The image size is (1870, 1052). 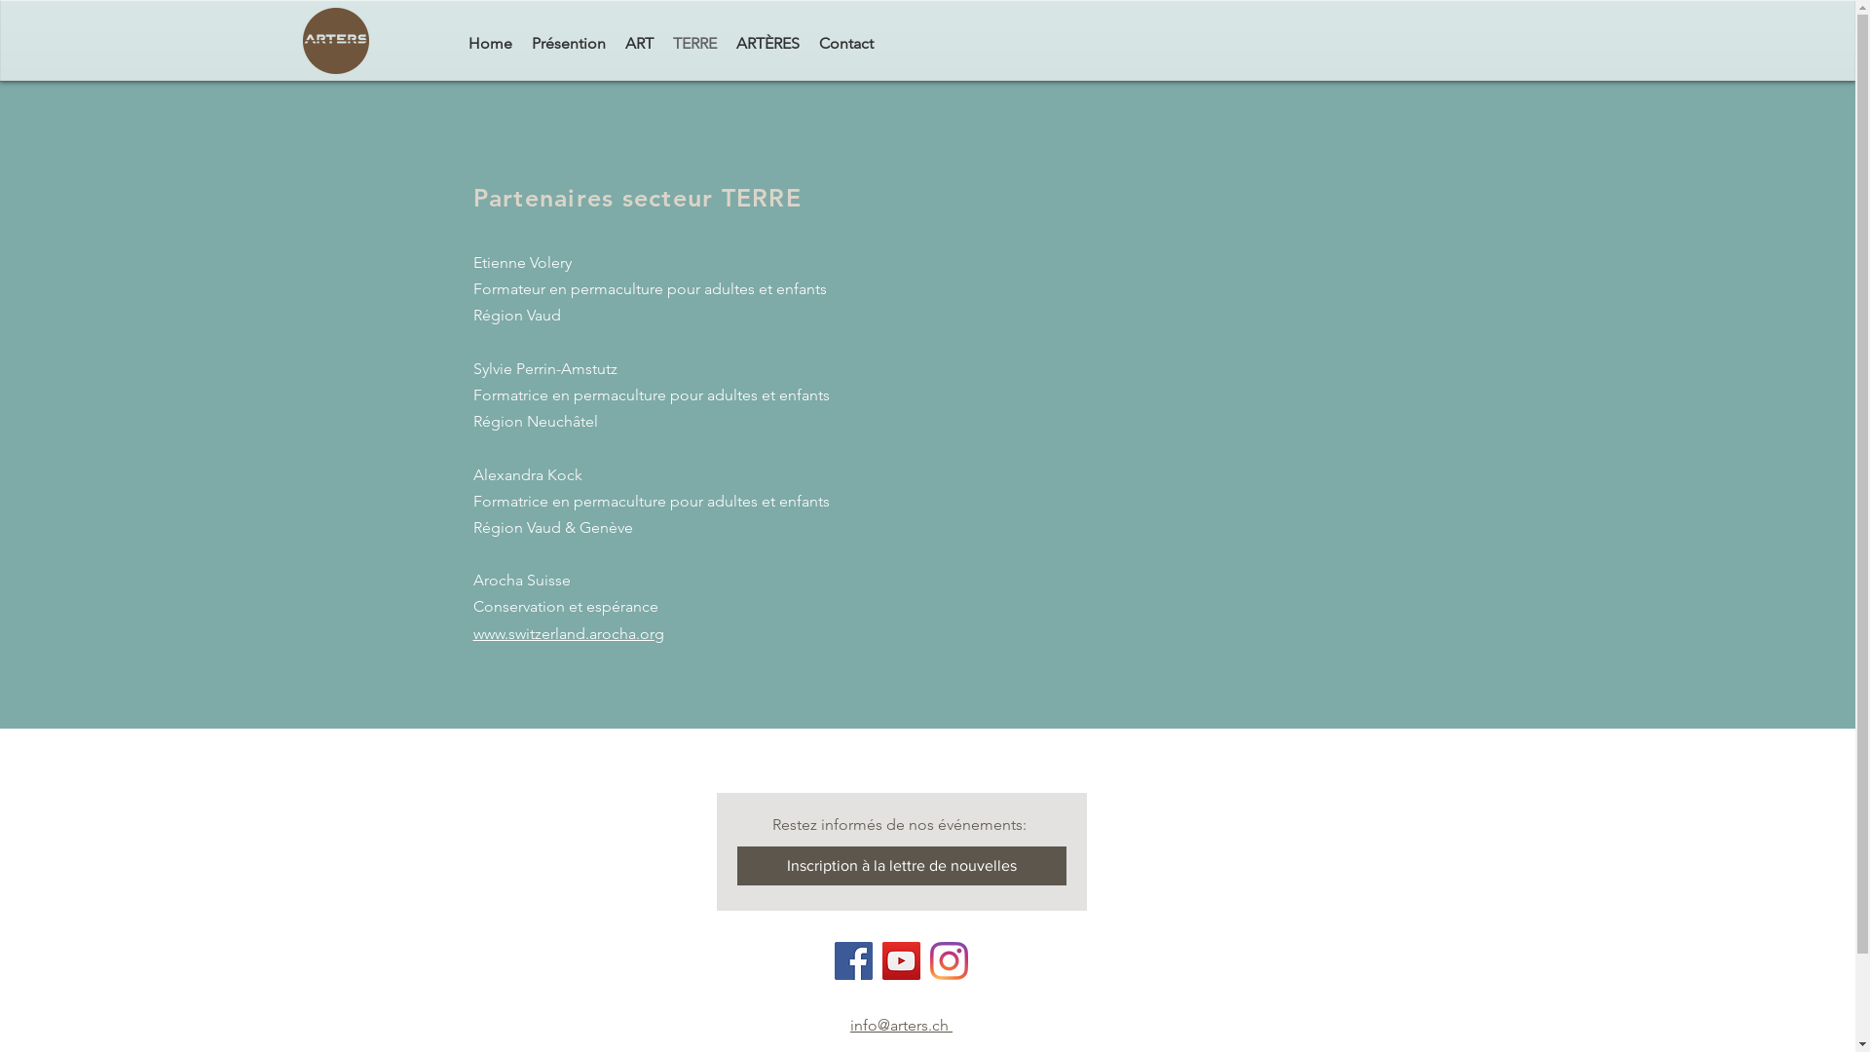 I want to click on 'Home', so click(x=489, y=44).